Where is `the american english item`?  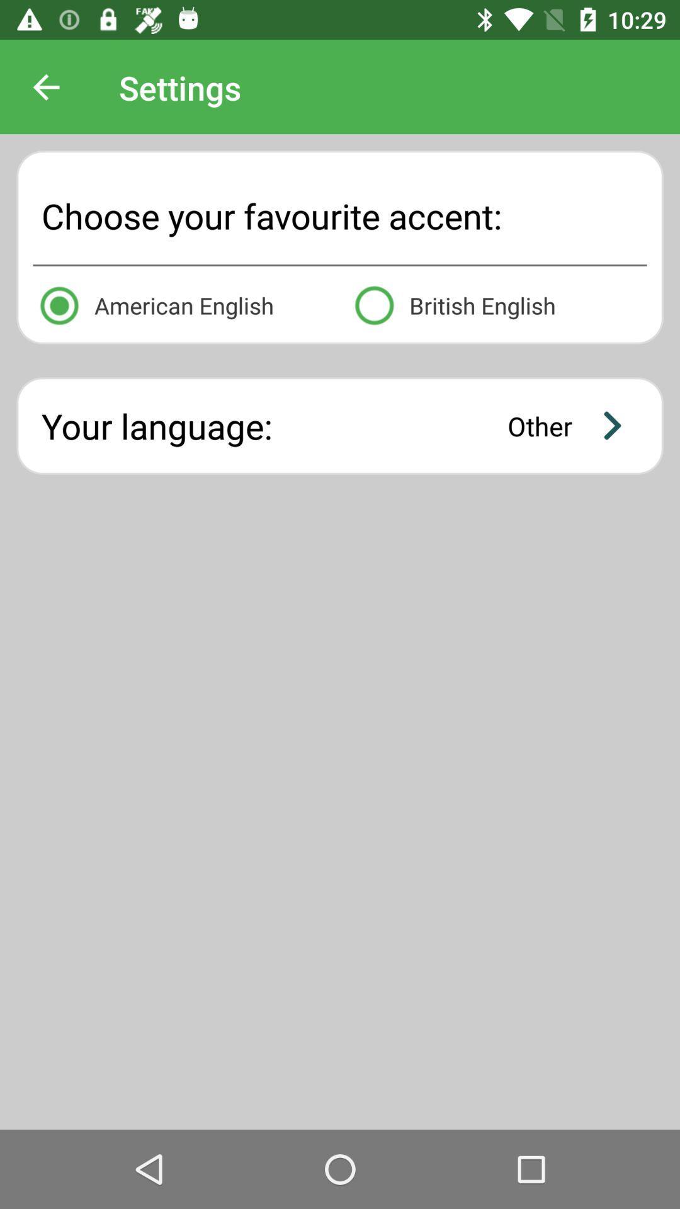
the american english item is located at coordinates (182, 303).